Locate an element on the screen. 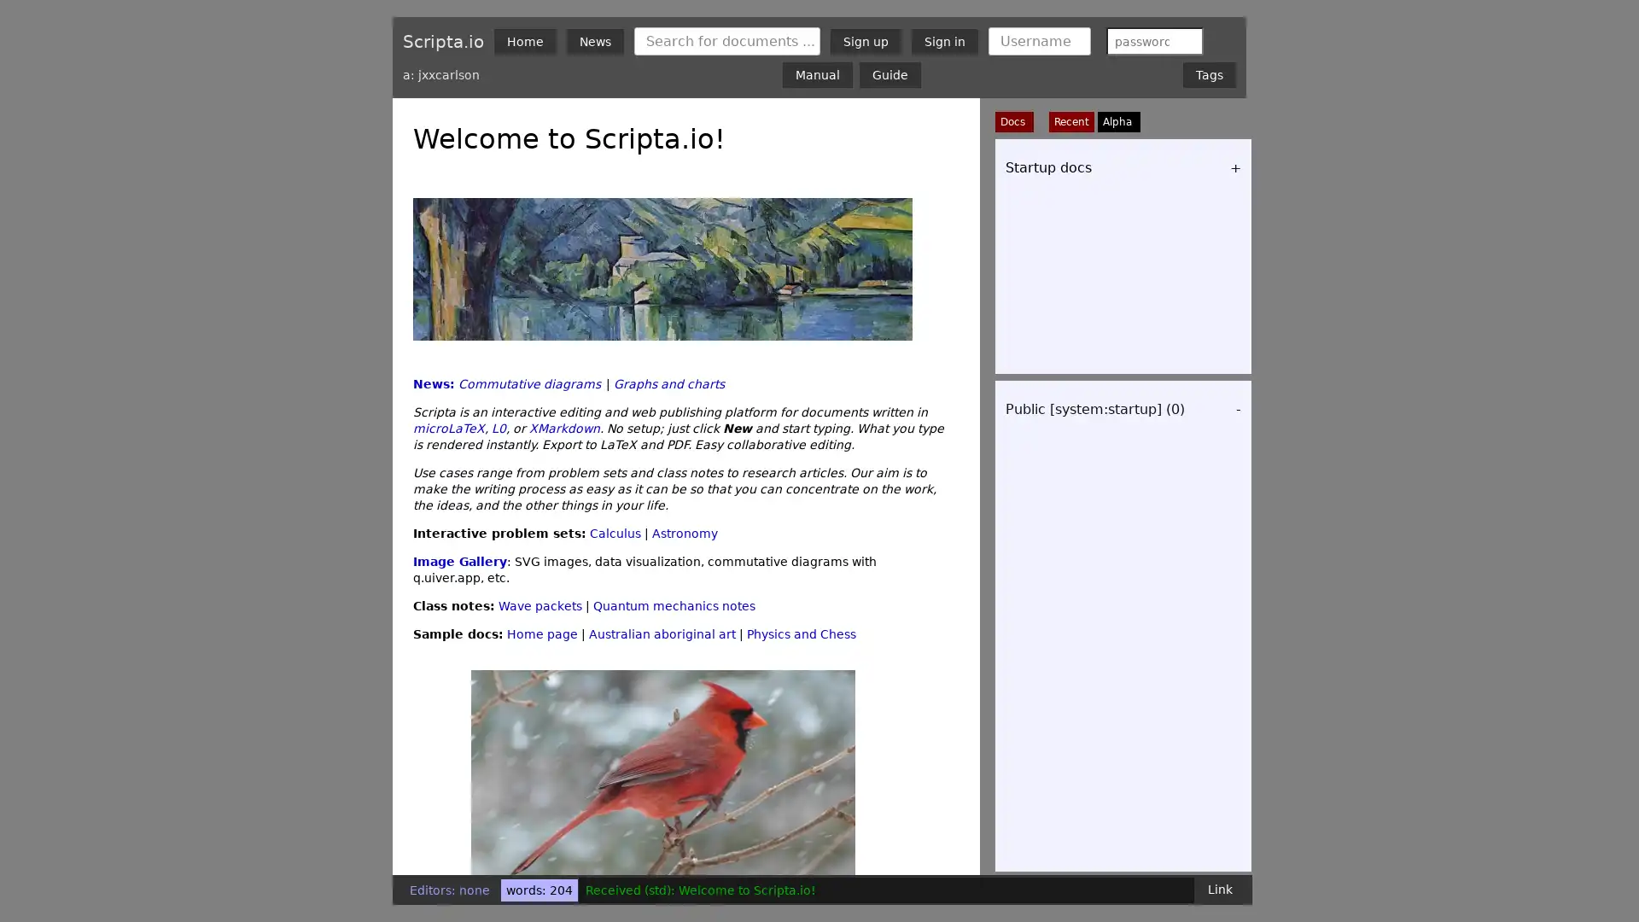  Graphs and charts is located at coordinates (668, 384).